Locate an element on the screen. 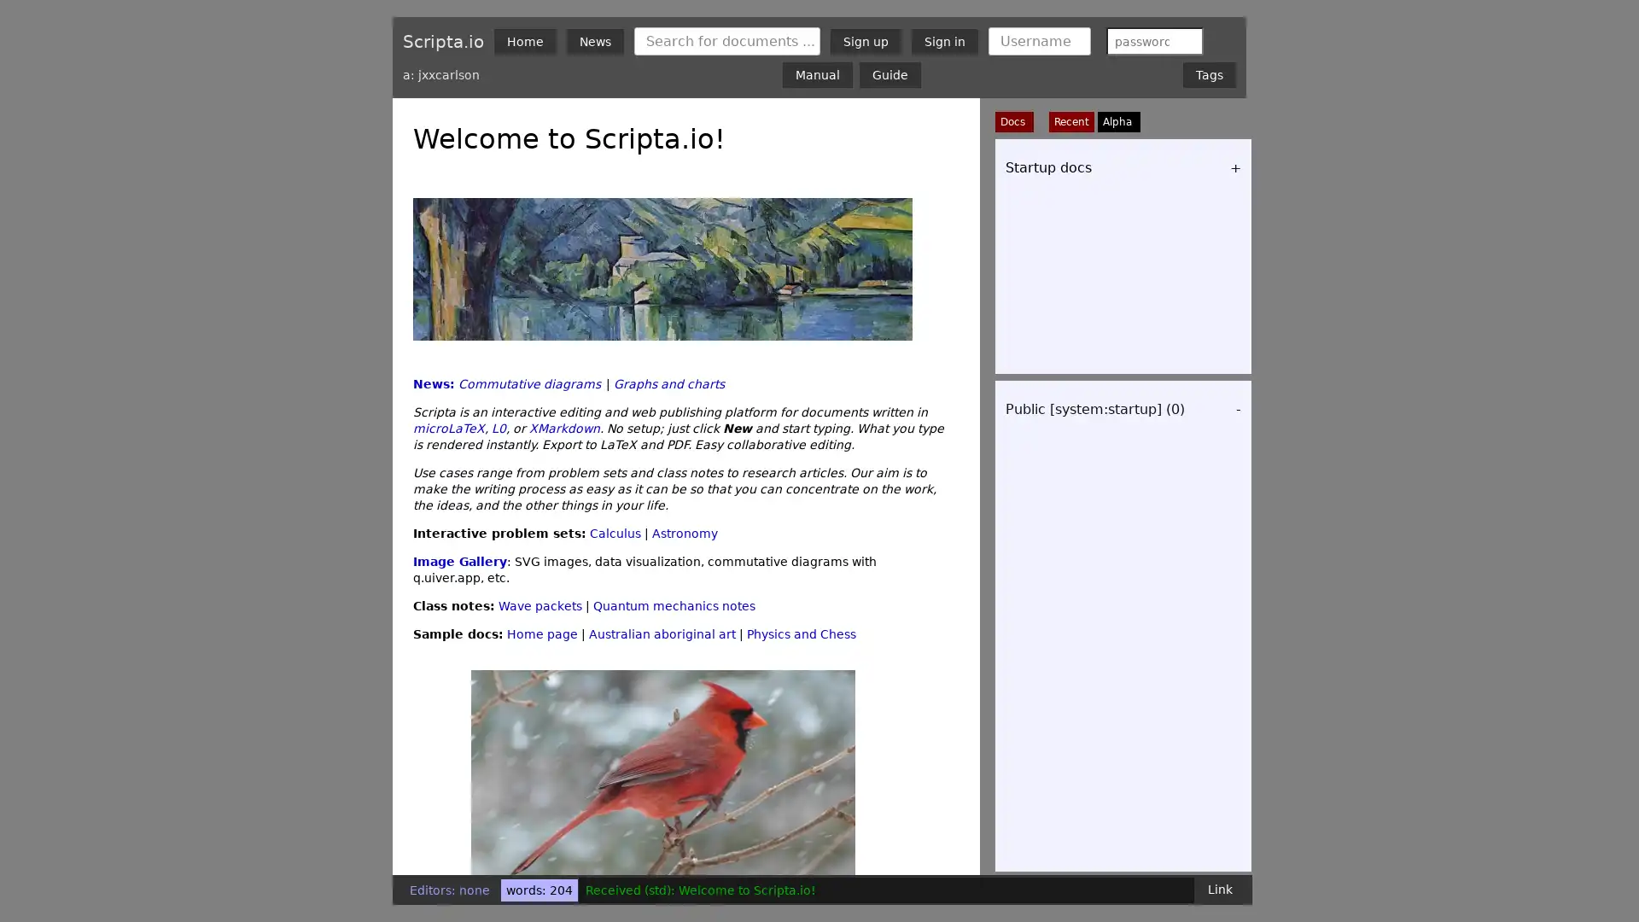  Graphs and charts is located at coordinates (668, 384).